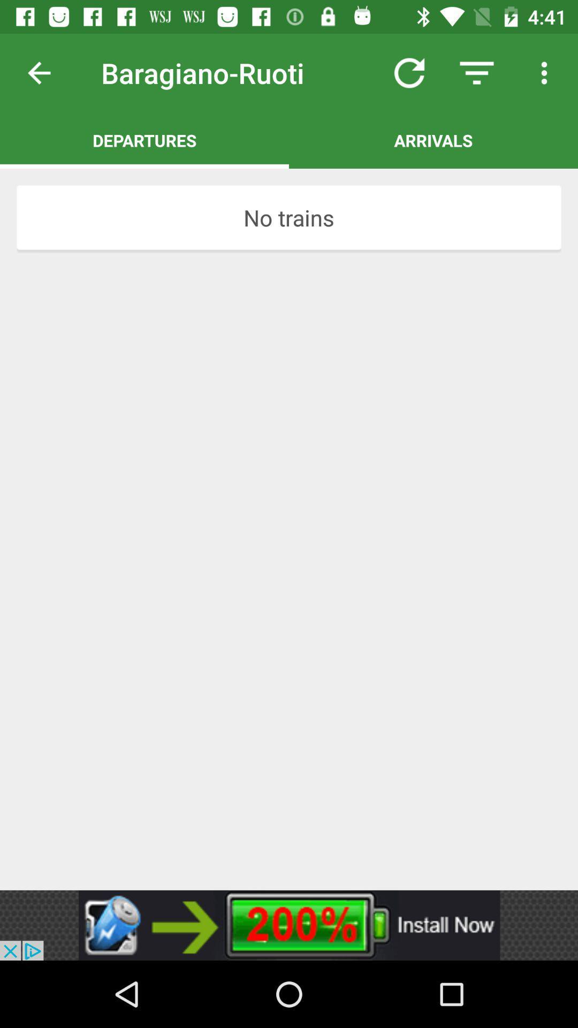 The image size is (578, 1028). What do you see at coordinates (47, 72) in the screenshot?
I see `back` at bounding box center [47, 72].